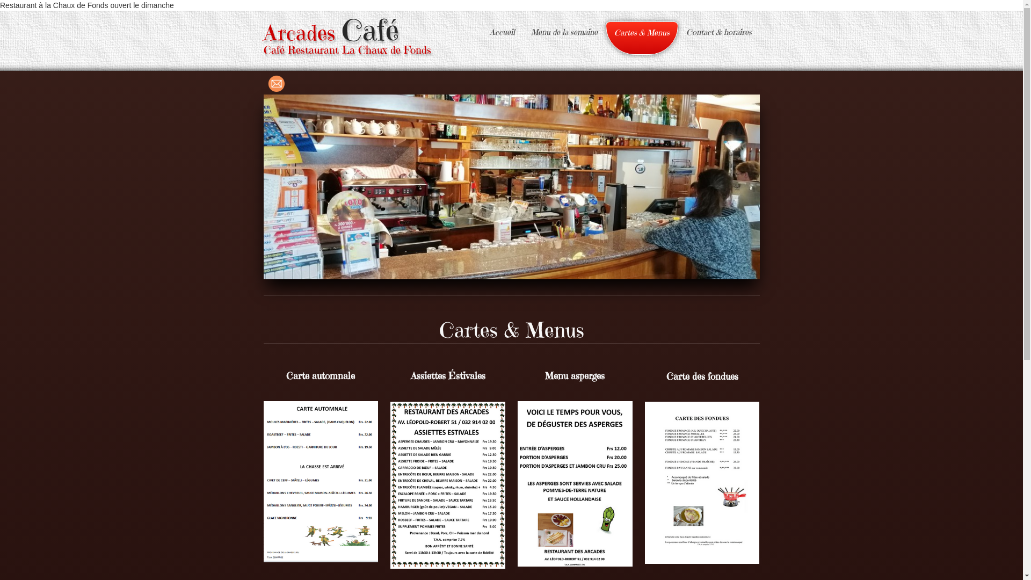 The image size is (1031, 580). What do you see at coordinates (523, 32) in the screenshot?
I see `'Menu de la semaine'` at bounding box center [523, 32].